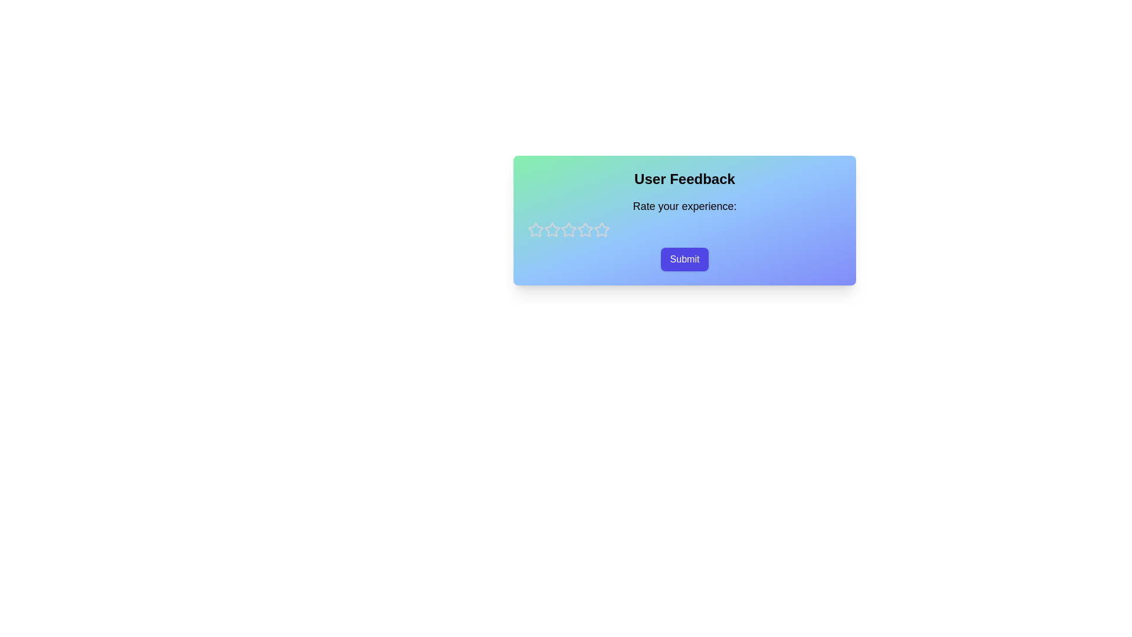 The image size is (1132, 637). What do you see at coordinates (568, 229) in the screenshot?
I see `the fourth star icon in the user feedback section` at bounding box center [568, 229].